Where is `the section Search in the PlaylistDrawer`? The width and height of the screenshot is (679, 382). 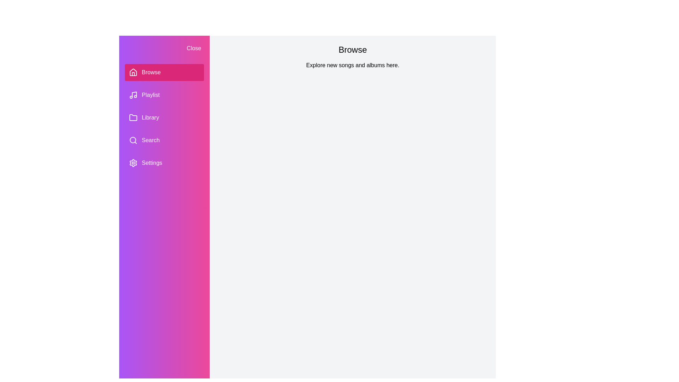
the section Search in the PlaylistDrawer is located at coordinates (164, 140).